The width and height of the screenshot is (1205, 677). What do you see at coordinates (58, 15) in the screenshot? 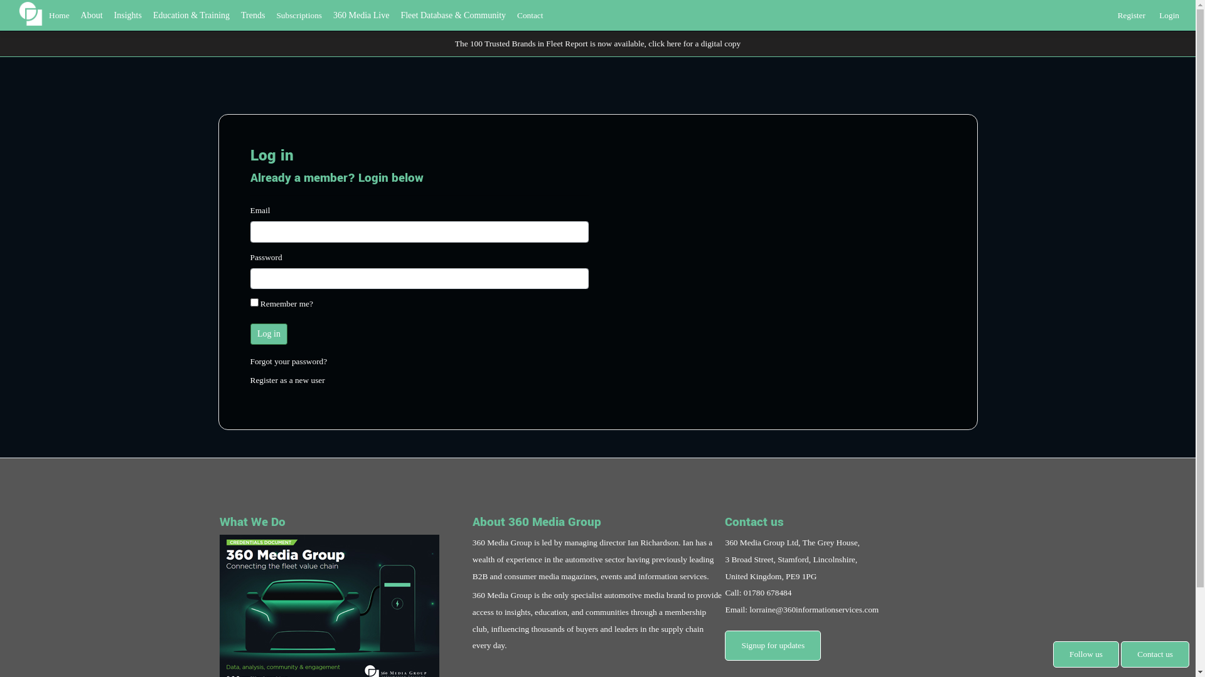
I see `'Home'` at bounding box center [58, 15].